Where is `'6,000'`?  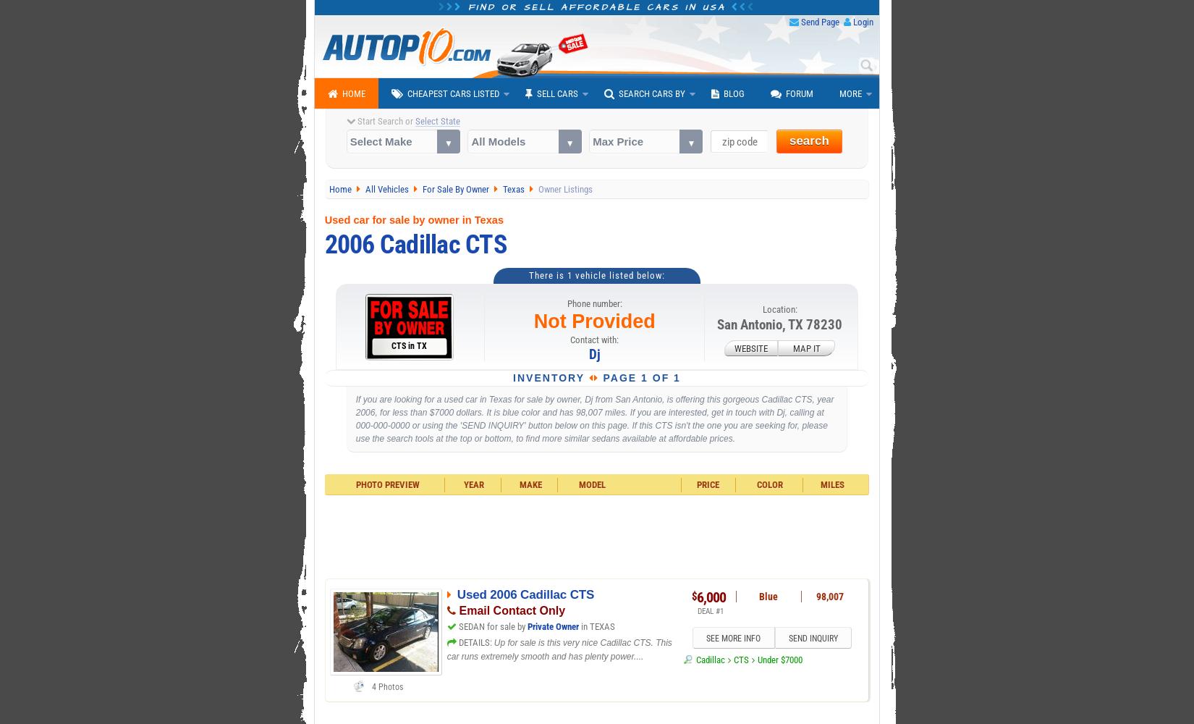 '6,000' is located at coordinates (711, 597).